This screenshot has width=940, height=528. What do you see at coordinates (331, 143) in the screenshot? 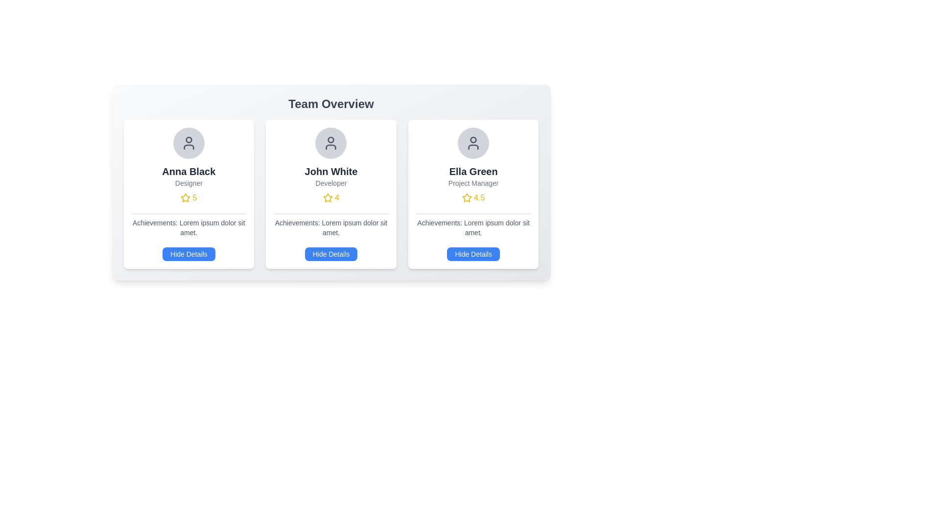
I see `the User Avatar representing 'John White'` at bounding box center [331, 143].